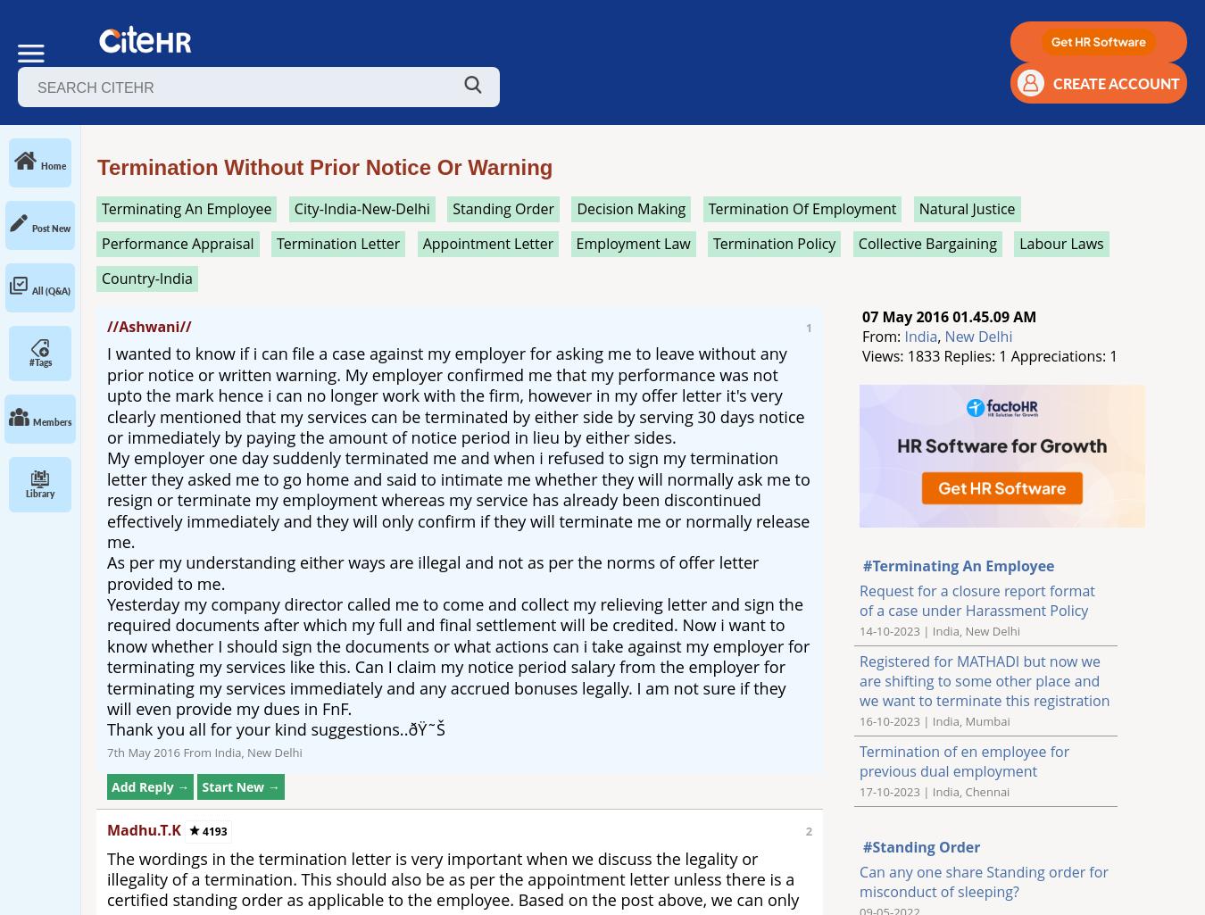  Describe the element at coordinates (959, 564) in the screenshot. I see `'#Terminating An Employee'` at that location.